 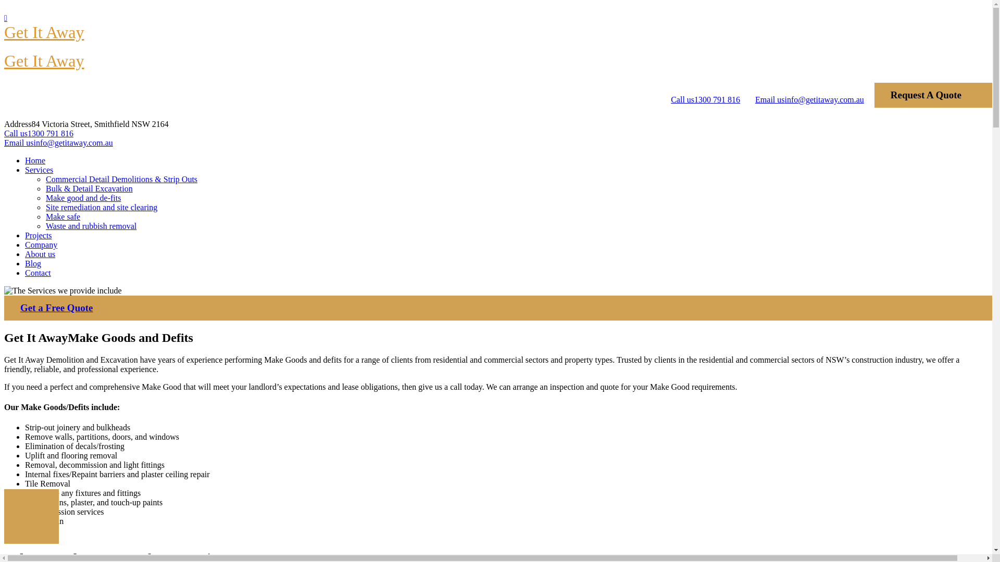 What do you see at coordinates (89, 188) in the screenshot?
I see `'Bulk & Detail Excavation'` at bounding box center [89, 188].